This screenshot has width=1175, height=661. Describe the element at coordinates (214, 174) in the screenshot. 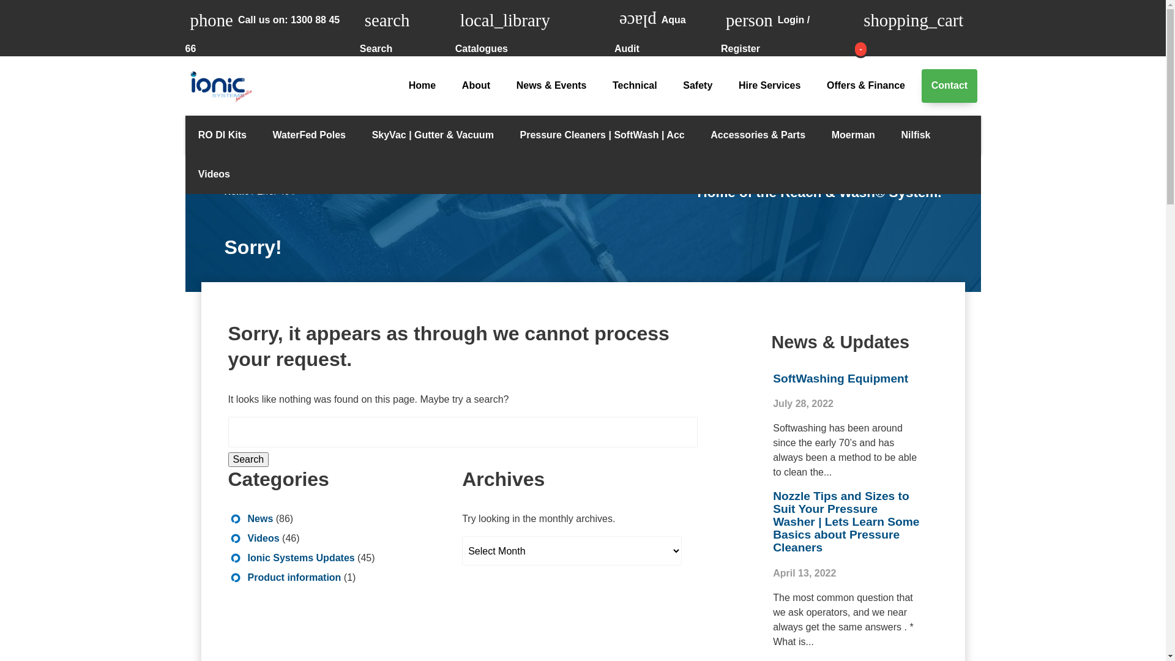

I see `'Videos'` at that location.